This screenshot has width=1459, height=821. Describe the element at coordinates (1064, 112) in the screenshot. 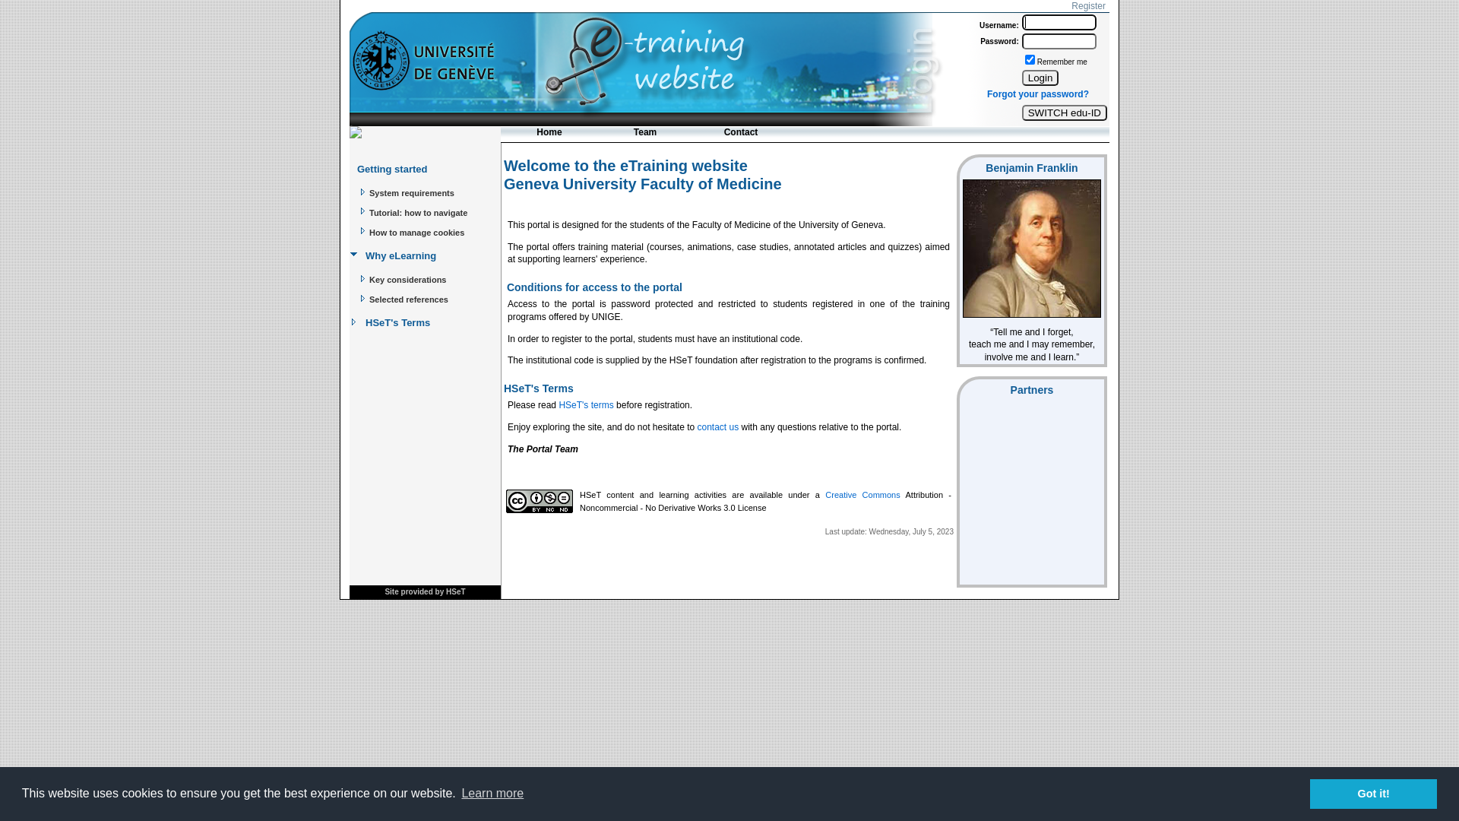

I see `'SWITCH edu-ID'` at that location.